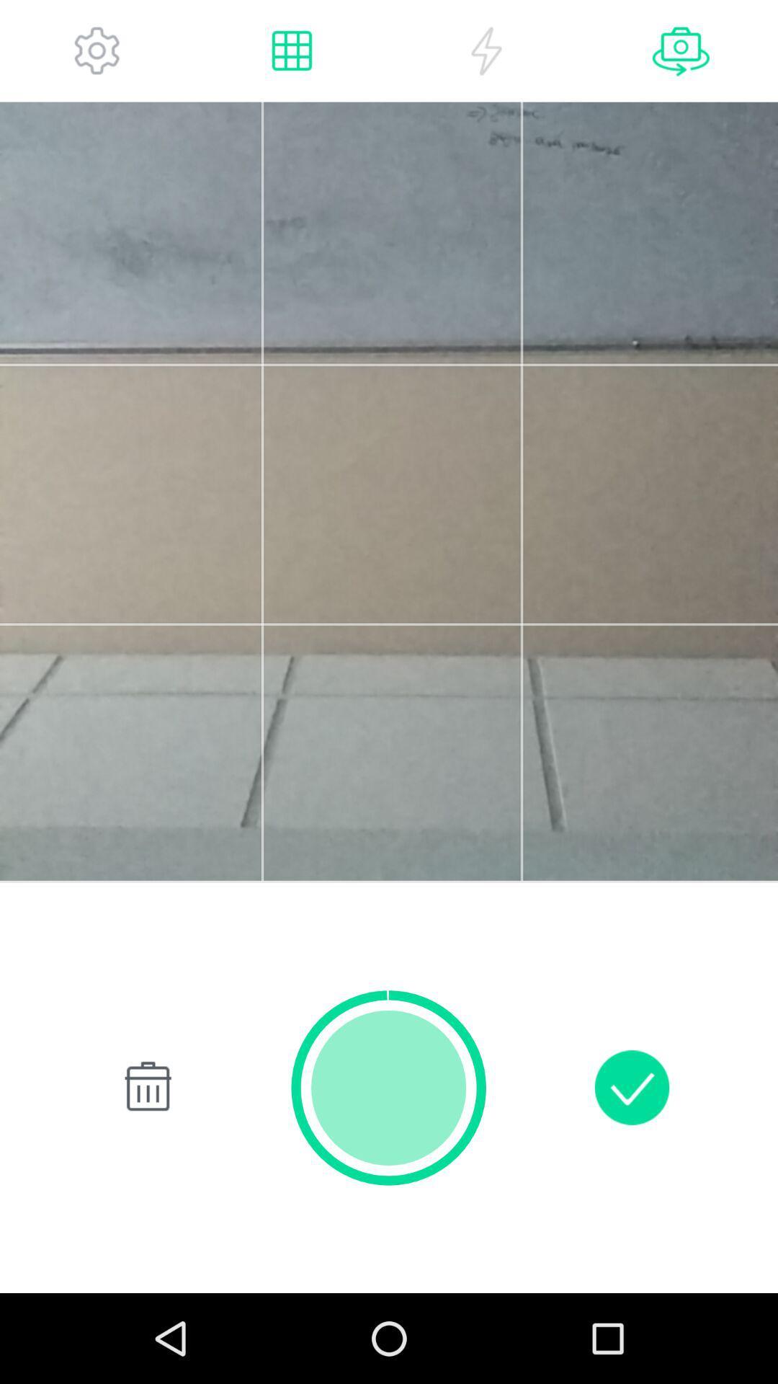  What do you see at coordinates (292, 50) in the screenshot?
I see `grid mode` at bounding box center [292, 50].